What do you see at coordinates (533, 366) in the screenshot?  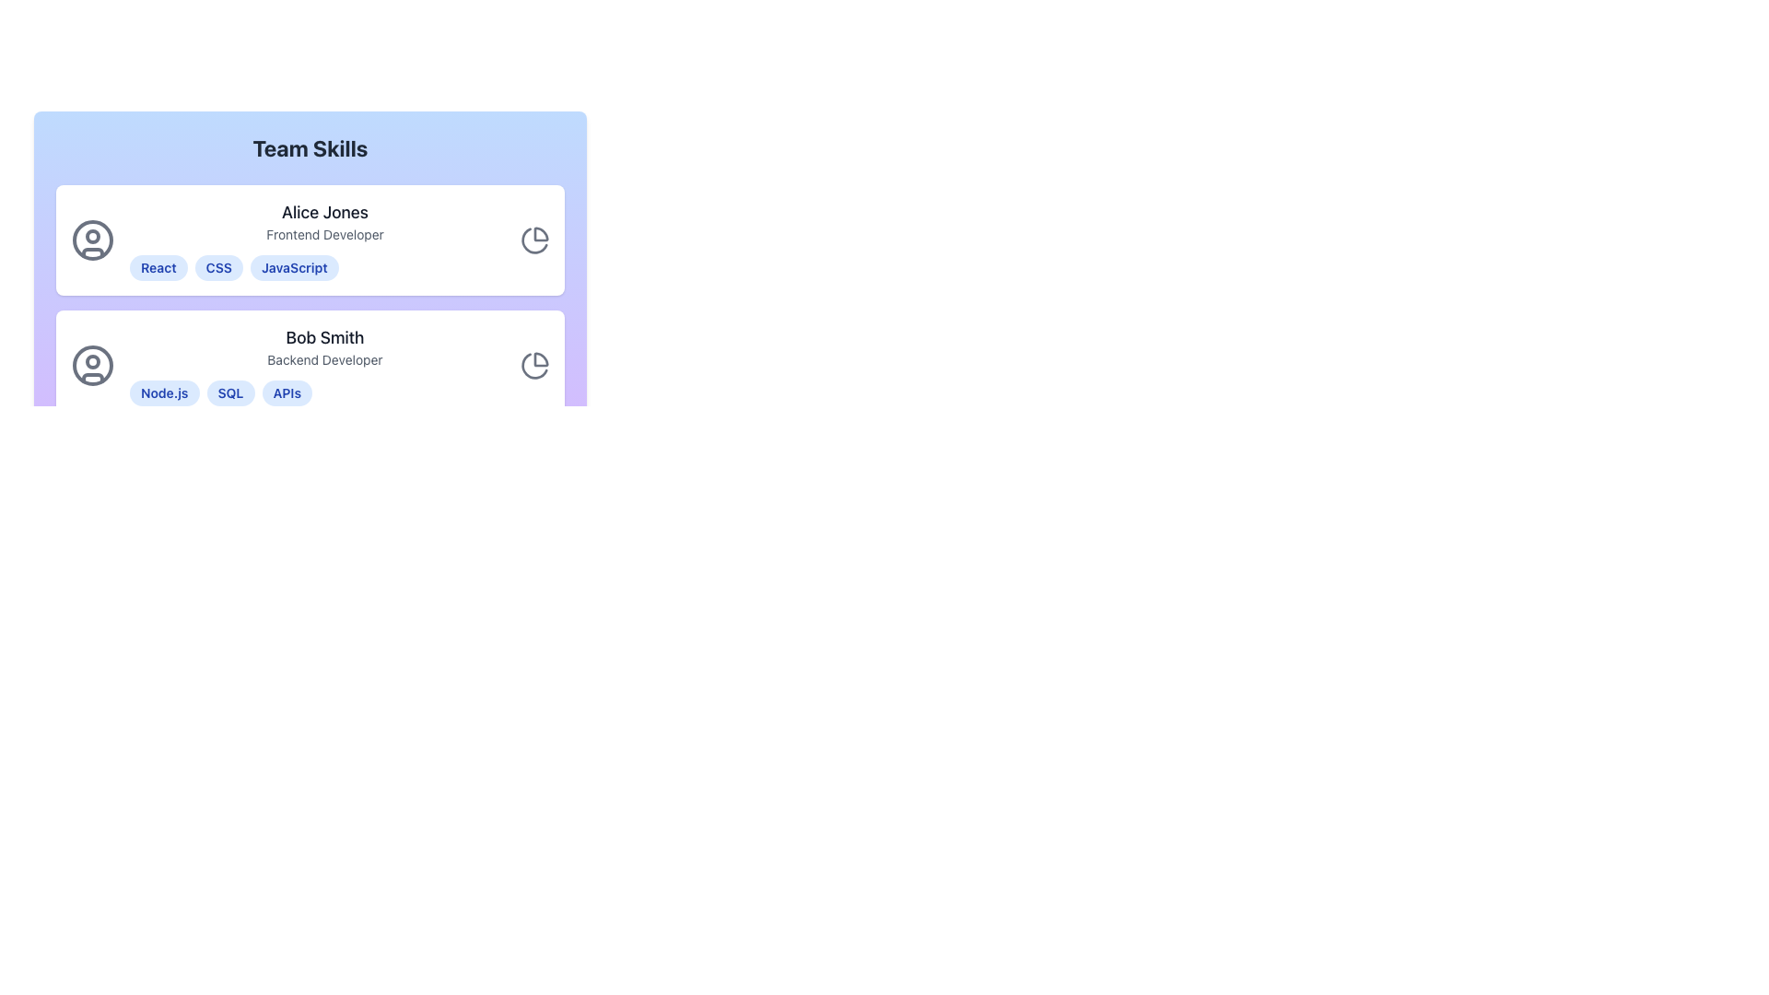 I see `the pie chart icon located at the far right of the 'Bob Smith' card, aligned with the 'Backend Developer' text` at bounding box center [533, 366].